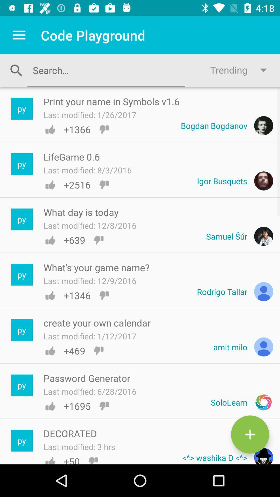 The height and width of the screenshot is (497, 280). I want to click on symbol, so click(250, 434).